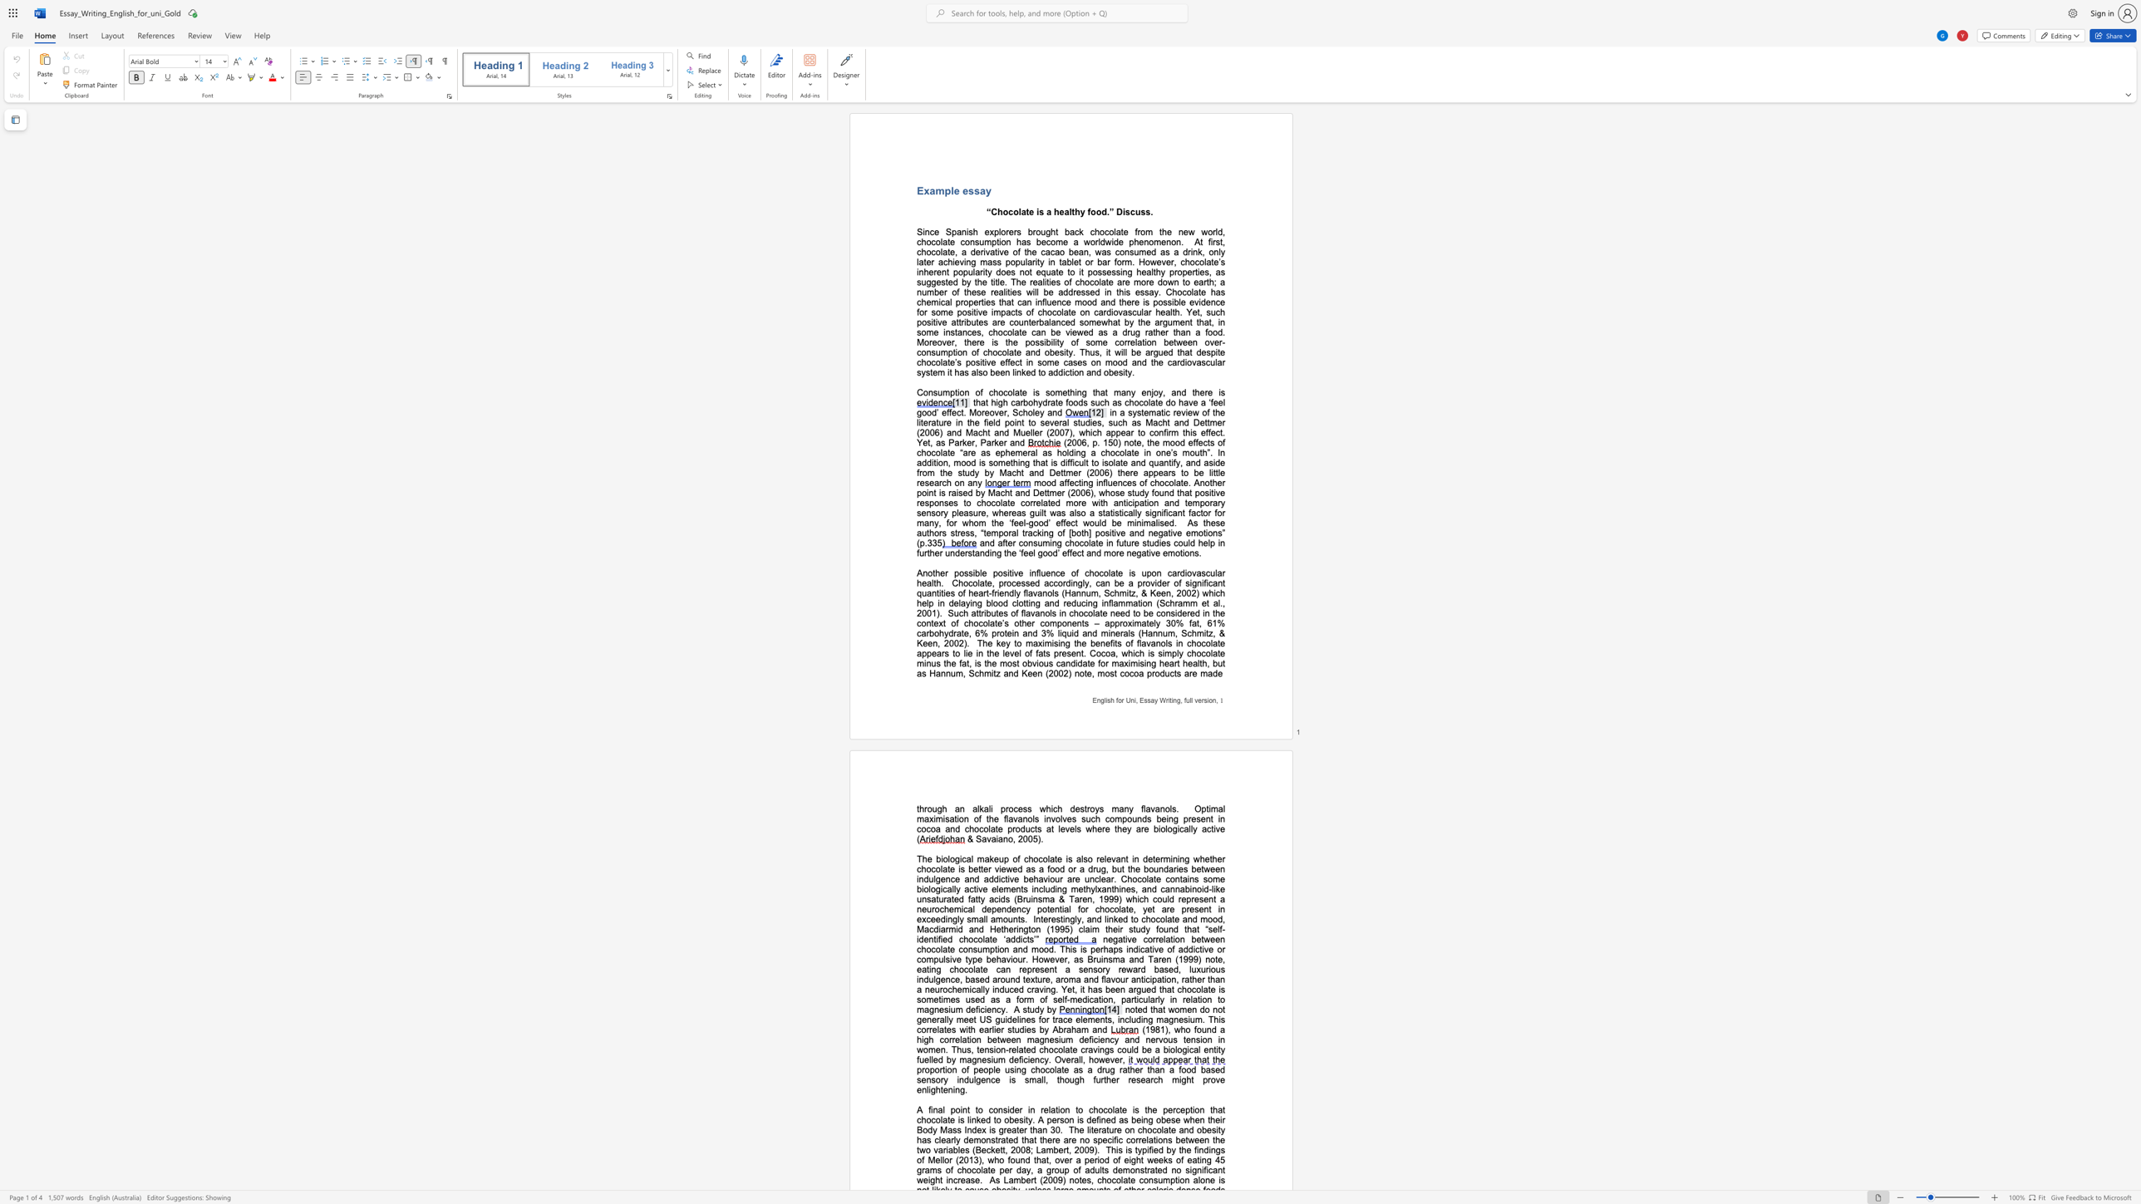 The width and height of the screenshot is (2141, 1204). Describe the element at coordinates (988, 1029) in the screenshot. I see `the subset text "rlier studies" within the text "US guidelines for trace elements, including magnesium. This correlates with earlier studies by Abraham and"` at that location.